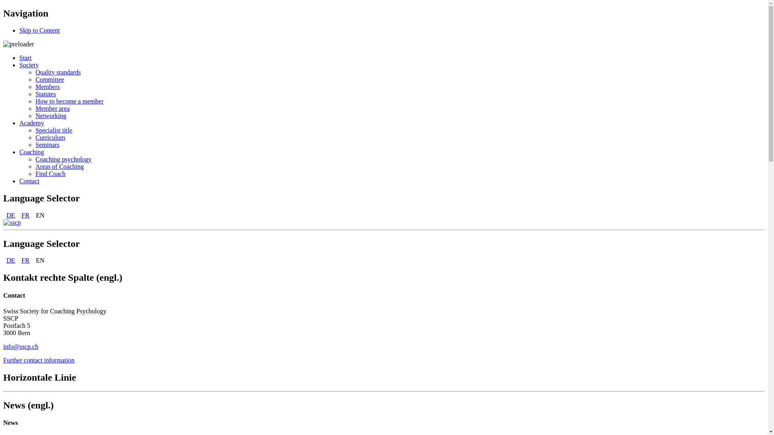 The image size is (774, 435). I want to click on 'Areas of Coaching', so click(59, 166).